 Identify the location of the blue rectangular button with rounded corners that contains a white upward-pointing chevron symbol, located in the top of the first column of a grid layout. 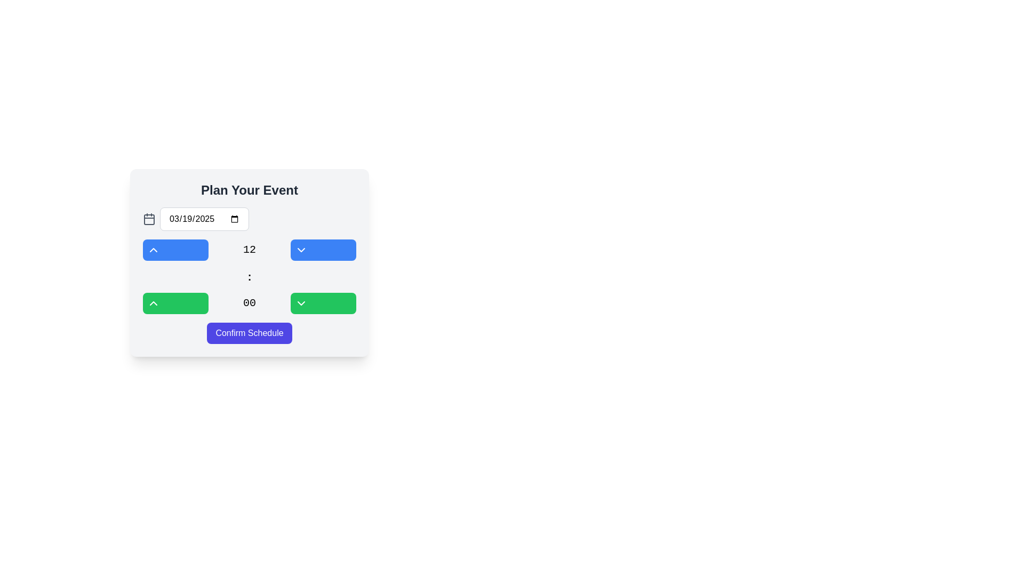
(175, 250).